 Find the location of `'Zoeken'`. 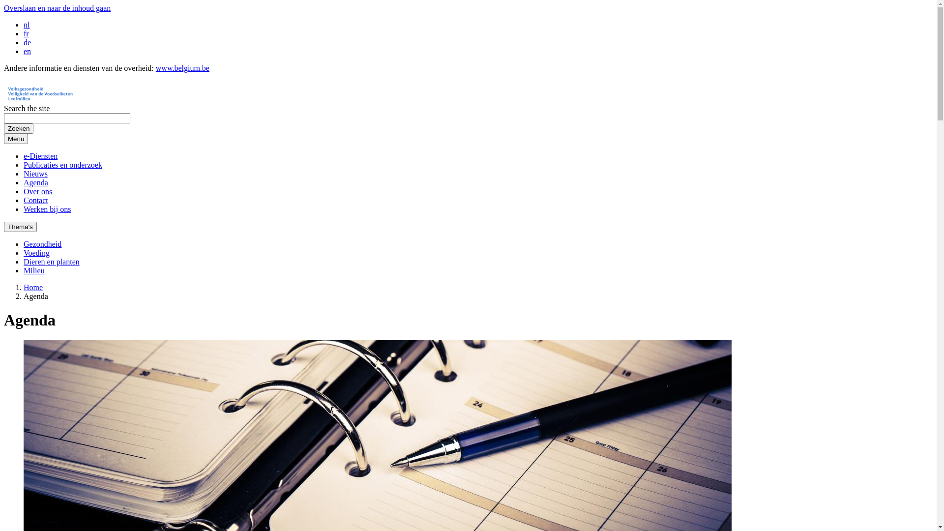

'Zoeken' is located at coordinates (4, 128).